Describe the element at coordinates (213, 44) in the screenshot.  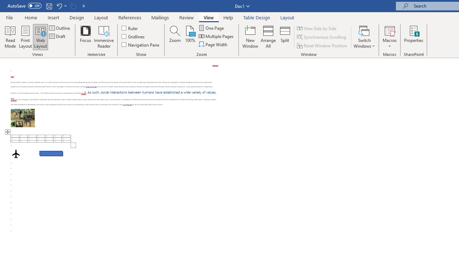
I see `'Page Width'` at that location.